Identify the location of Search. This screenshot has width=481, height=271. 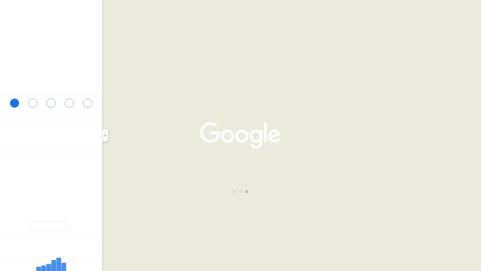
(79, 8).